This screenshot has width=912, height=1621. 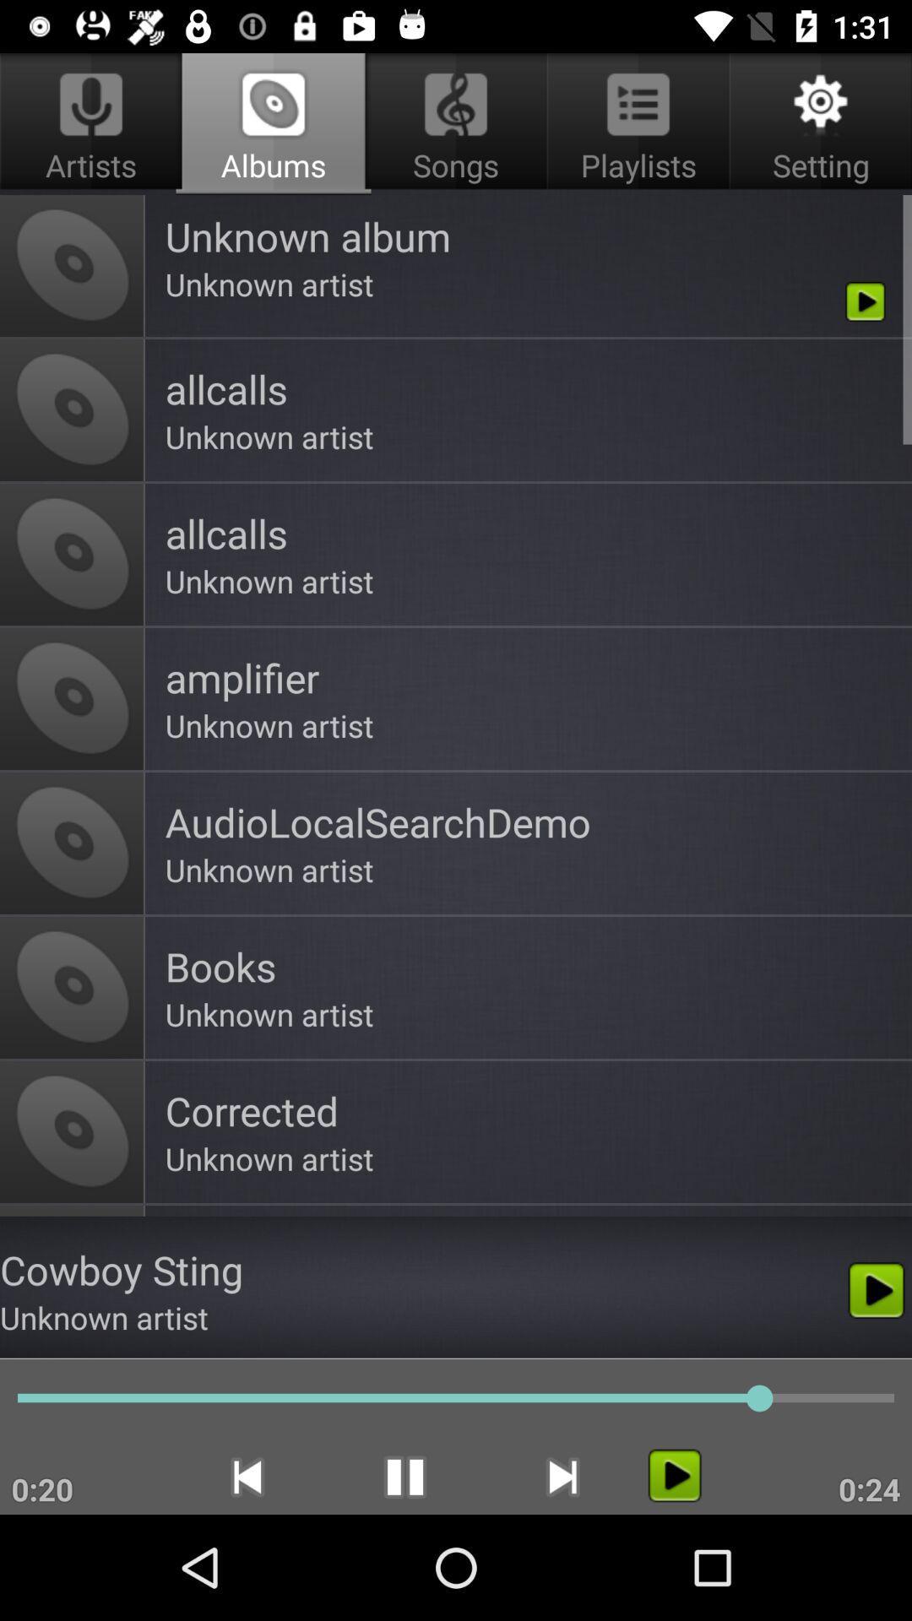 I want to click on app to the right of albums app, so click(x=638, y=123).